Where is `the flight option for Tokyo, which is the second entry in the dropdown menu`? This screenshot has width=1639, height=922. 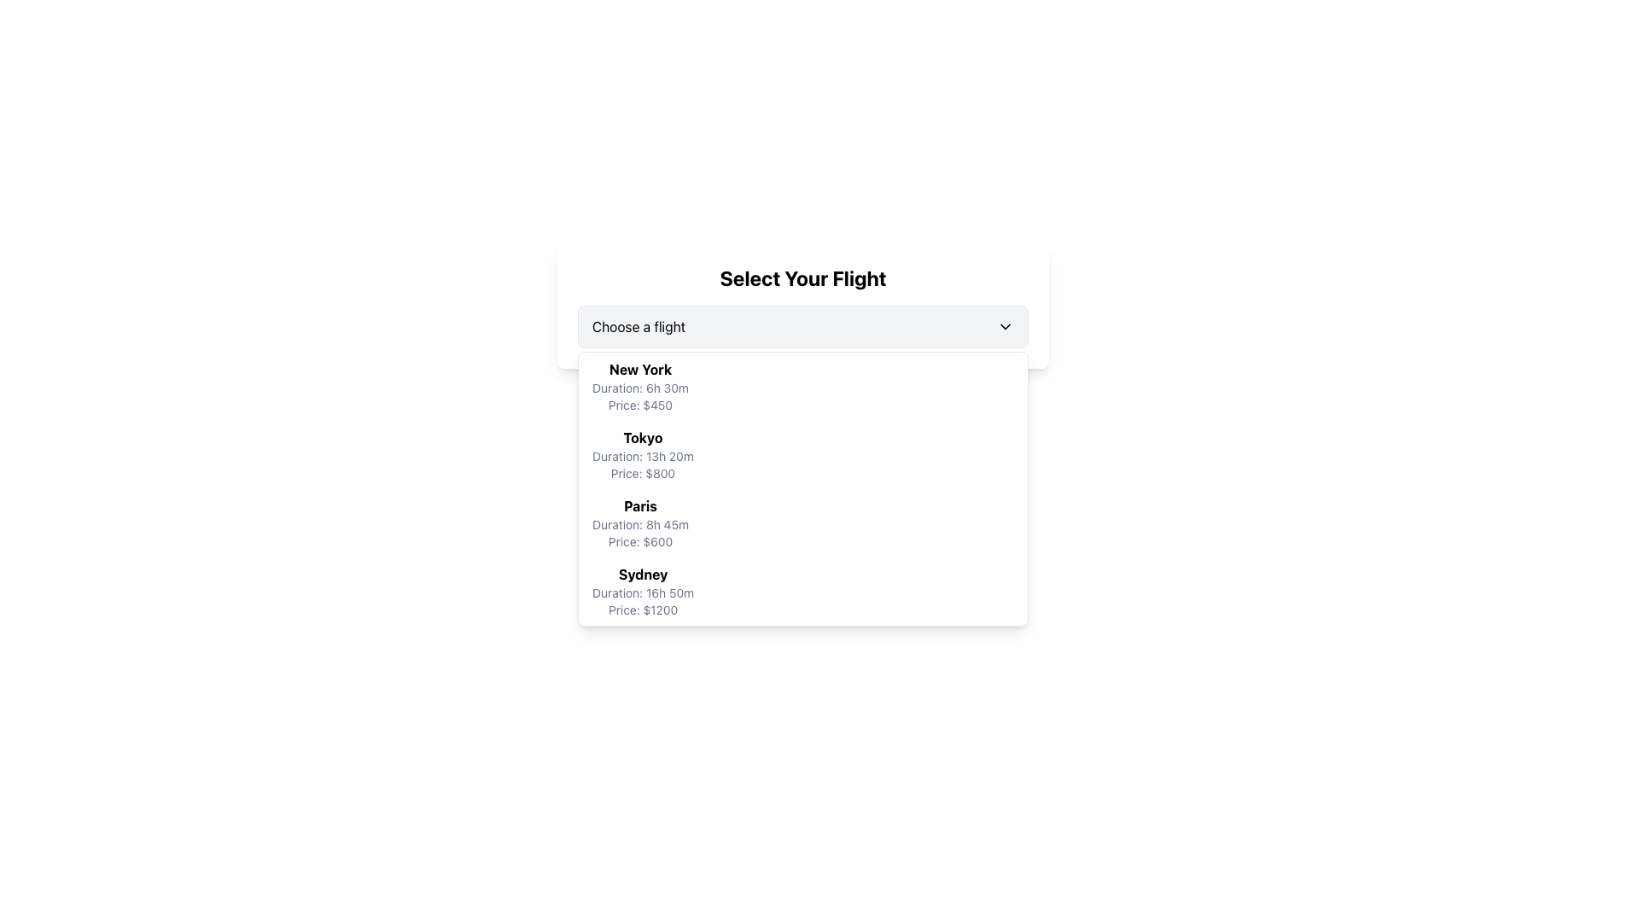 the flight option for Tokyo, which is the second entry in the dropdown menu is located at coordinates (642, 453).